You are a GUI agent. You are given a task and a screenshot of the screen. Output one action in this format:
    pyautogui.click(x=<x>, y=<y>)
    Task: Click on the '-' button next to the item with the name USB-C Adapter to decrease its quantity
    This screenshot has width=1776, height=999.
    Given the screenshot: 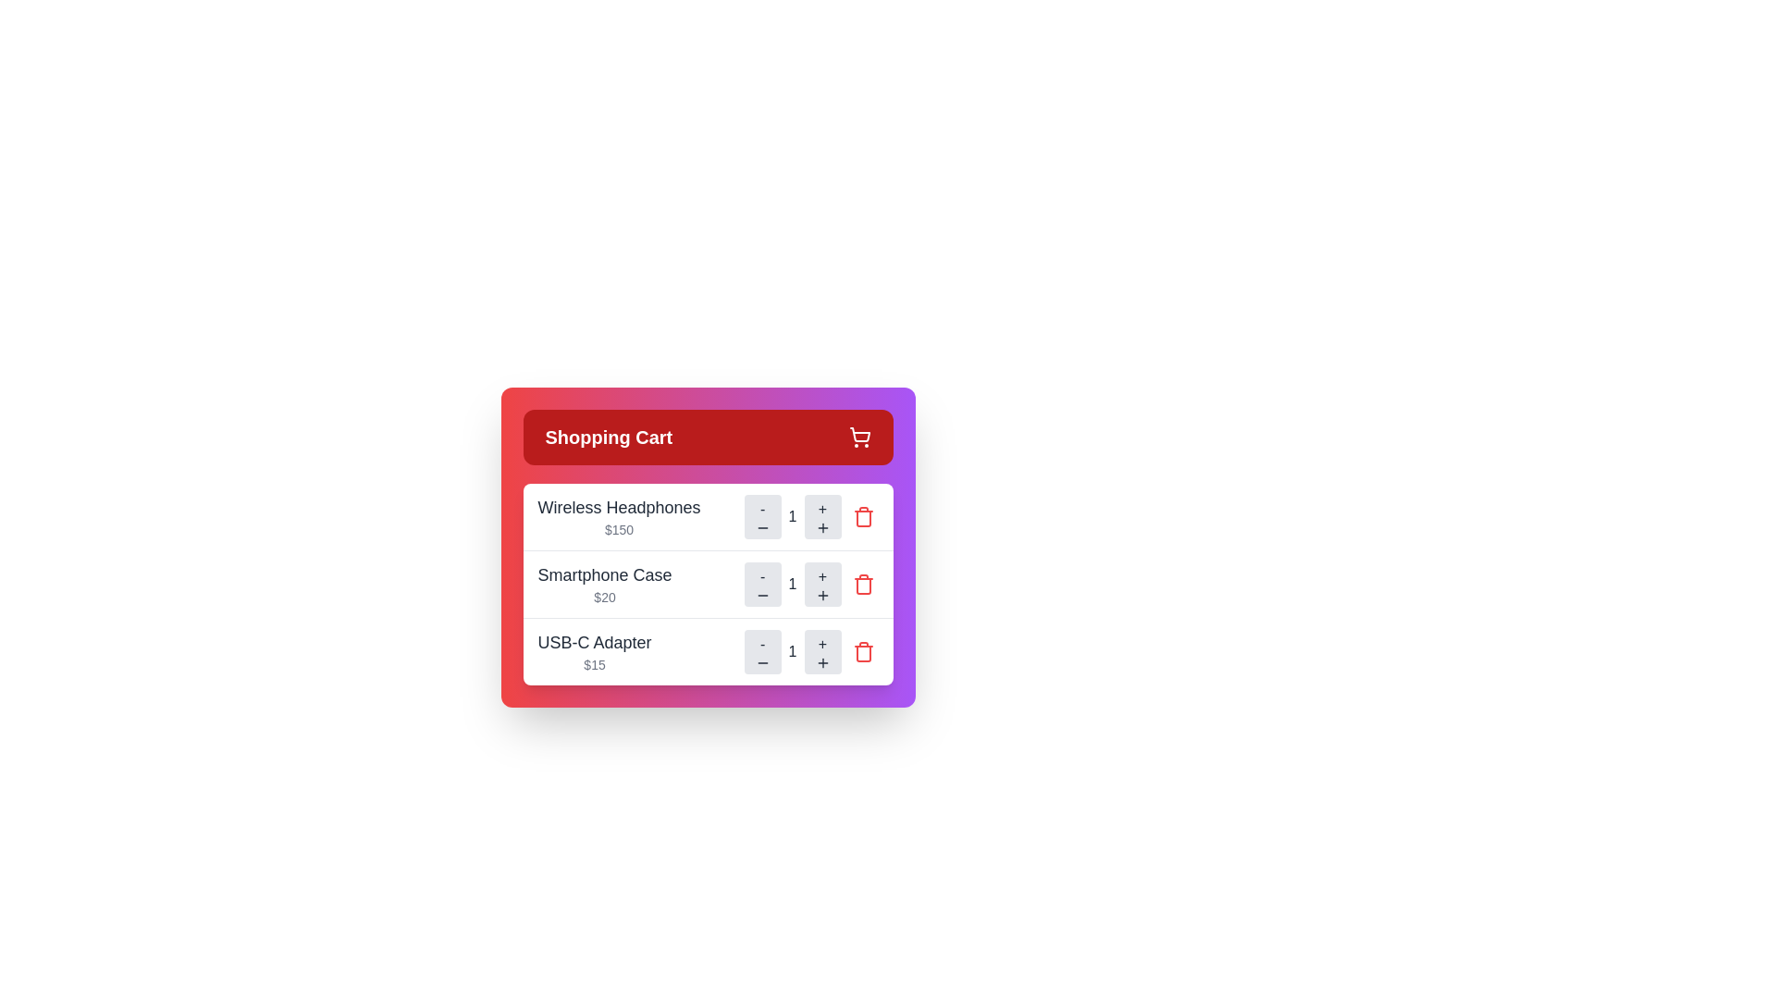 What is the action you would take?
    pyautogui.click(x=762, y=651)
    